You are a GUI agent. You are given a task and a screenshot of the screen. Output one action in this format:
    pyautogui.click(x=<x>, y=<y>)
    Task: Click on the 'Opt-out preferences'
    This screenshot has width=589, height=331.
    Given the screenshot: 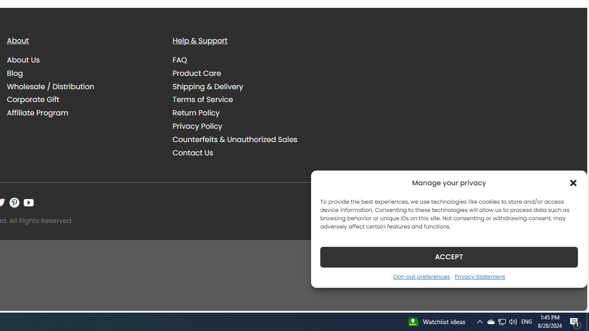 What is the action you would take?
    pyautogui.click(x=421, y=276)
    